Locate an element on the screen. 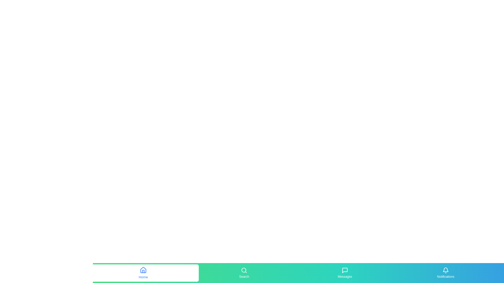 This screenshot has width=504, height=283. the Messages tab by clicking the corresponding button is located at coordinates (345, 273).